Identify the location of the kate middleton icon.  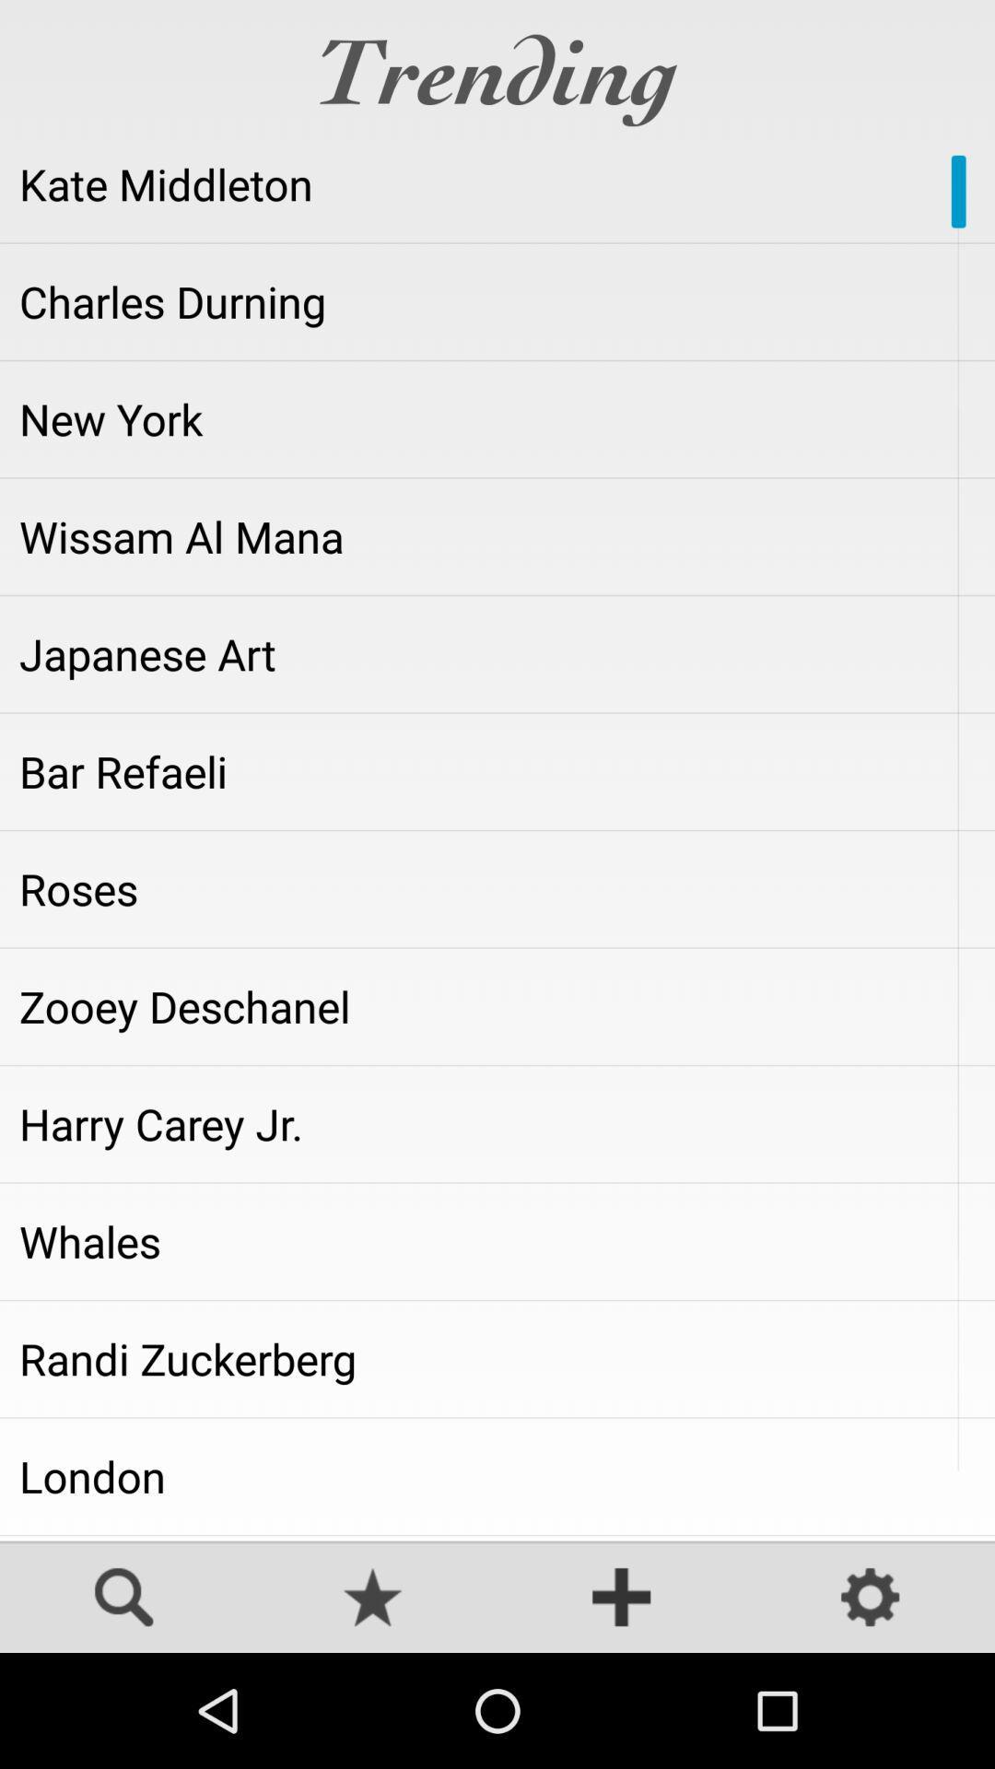
(497, 184).